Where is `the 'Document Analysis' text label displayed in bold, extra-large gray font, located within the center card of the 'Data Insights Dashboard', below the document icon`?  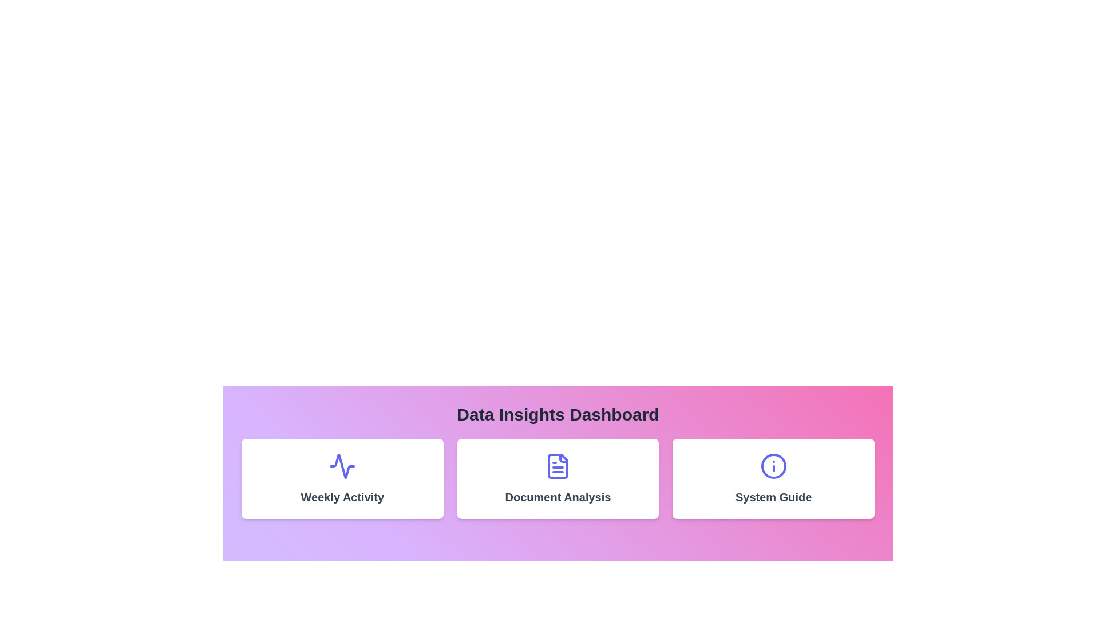 the 'Document Analysis' text label displayed in bold, extra-large gray font, located within the center card of the 'Data Insights Dashboard', below the document icon is located at coordinates (558, 496).